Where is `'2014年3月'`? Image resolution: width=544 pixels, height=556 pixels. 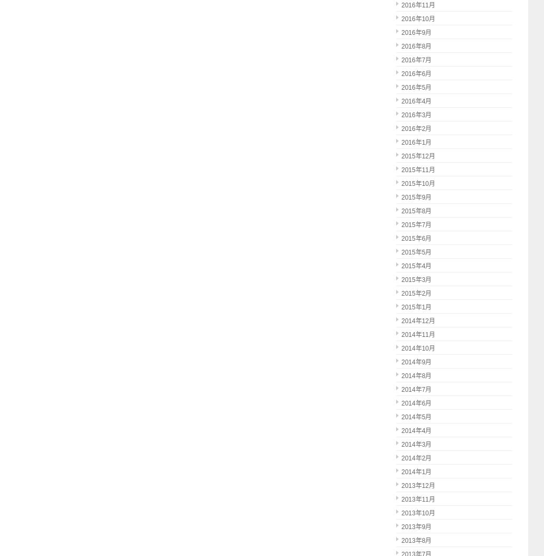
'2014年3月' is located at coordinates (401, 444).